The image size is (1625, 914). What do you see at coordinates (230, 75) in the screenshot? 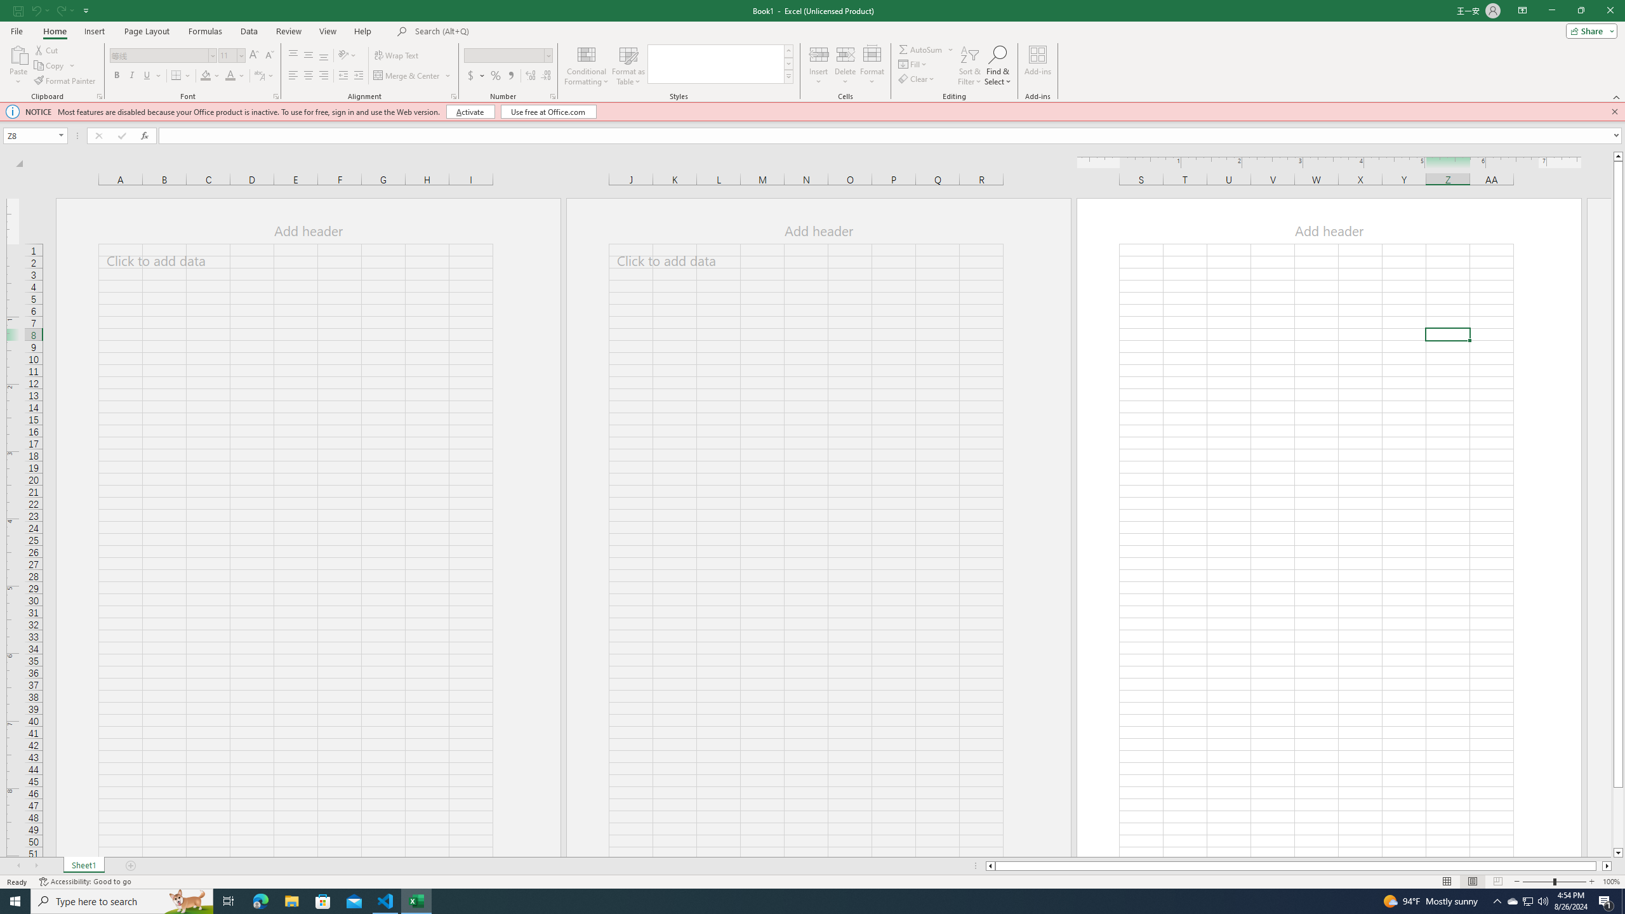
I see `'Font Color'` at bounding box center [230, 75].